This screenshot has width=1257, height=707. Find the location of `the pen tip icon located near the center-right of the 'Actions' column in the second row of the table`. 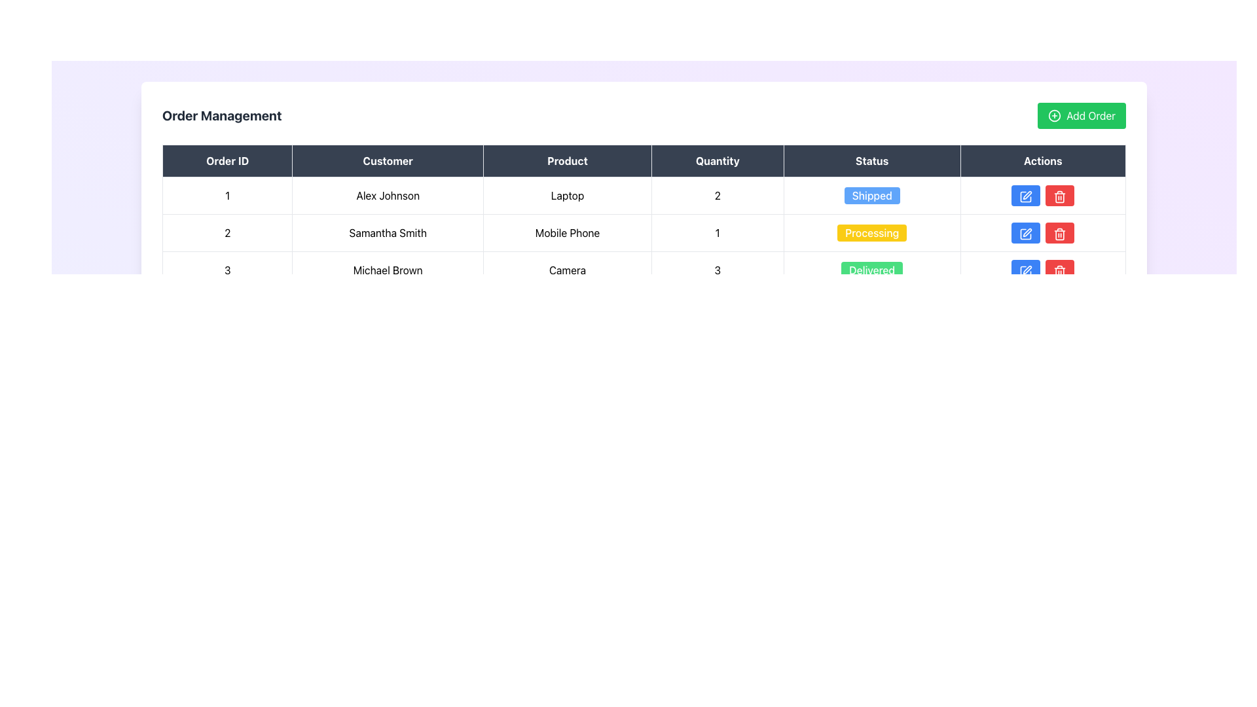

the pen tip icon located near the center-right of the 'Actions' column in the second row of the table is located at coordinates (1027, 232).